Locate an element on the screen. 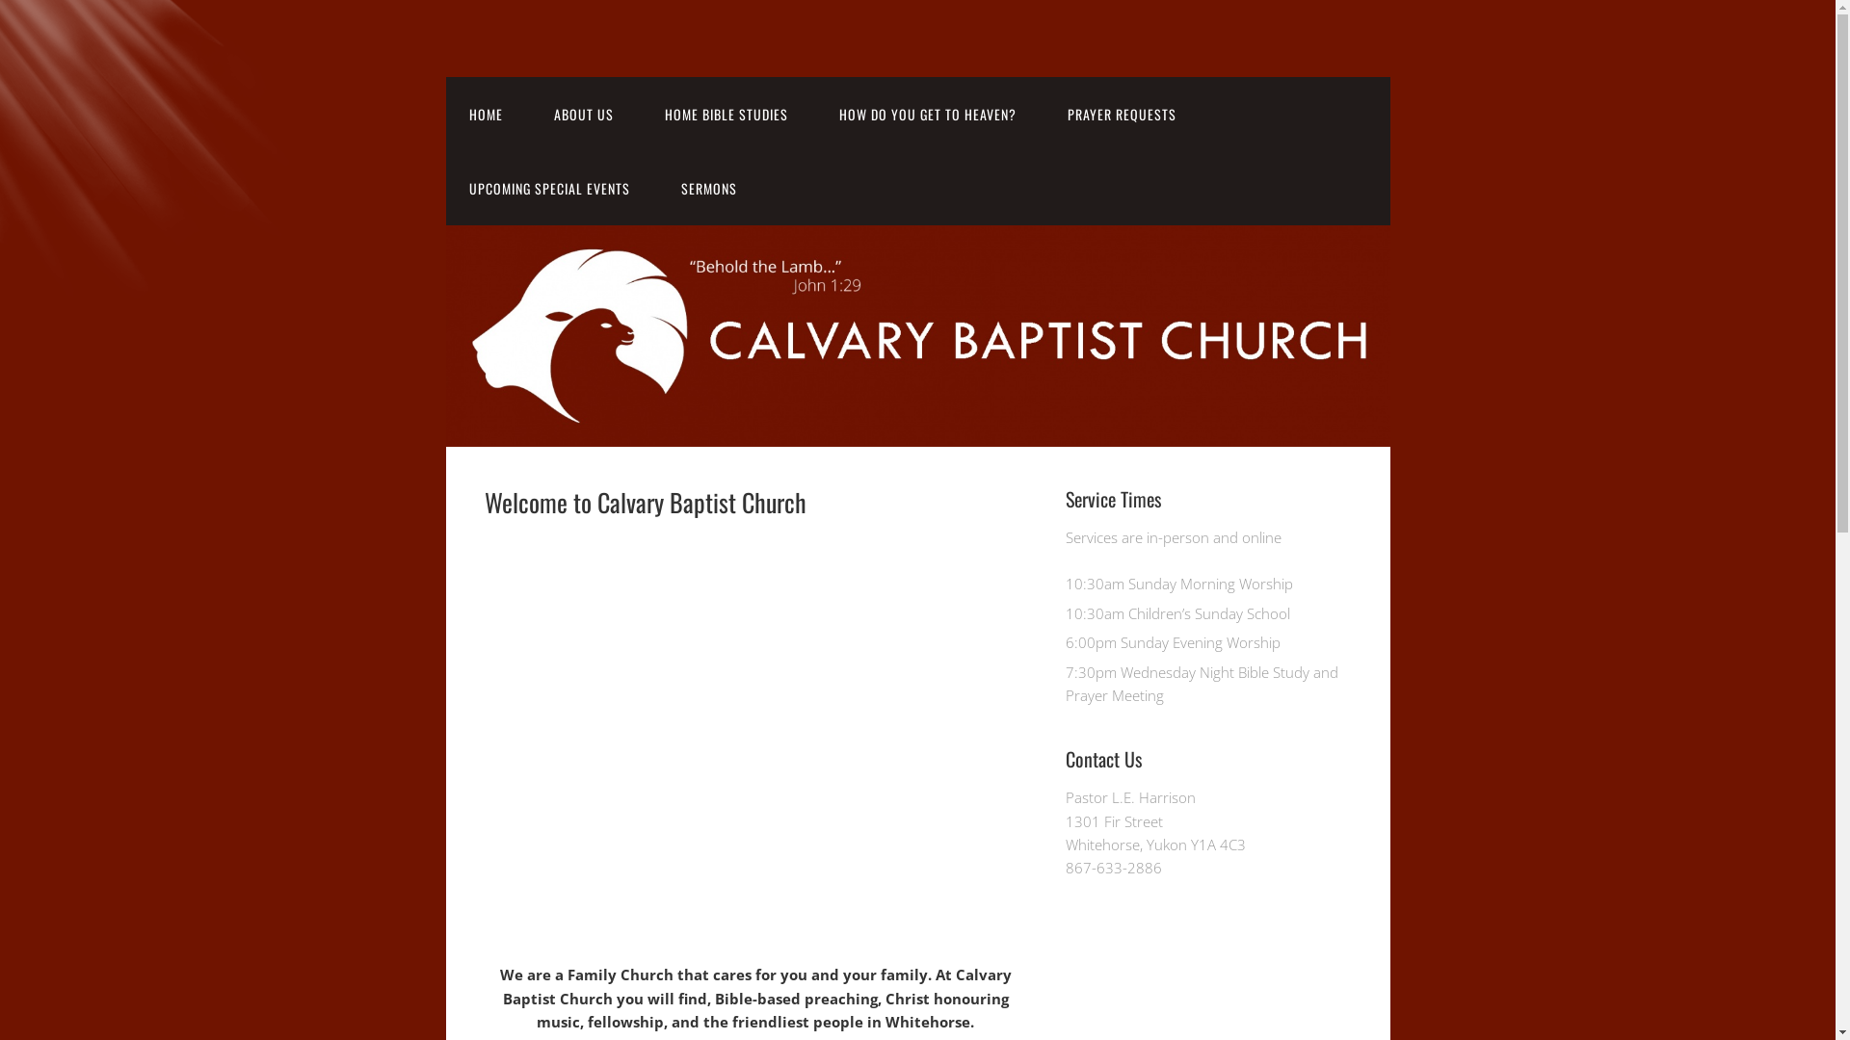 The image size is (1850, 1040). 'HOME' is located at coordinates (485, 114).